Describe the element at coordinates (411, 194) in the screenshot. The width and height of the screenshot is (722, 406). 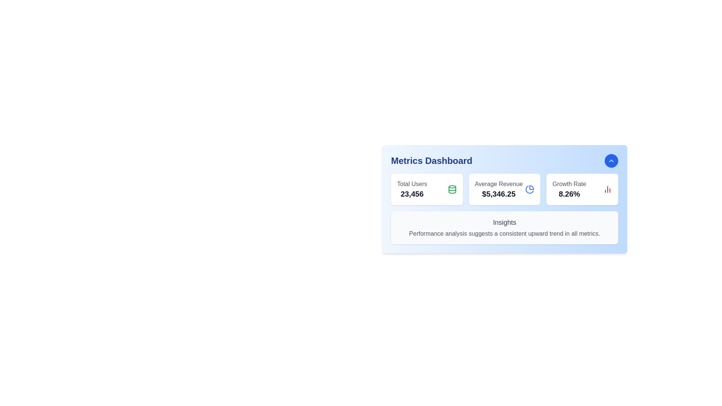
I see `the text displaying the number '23,456' within the 'Total Users' widget on the dashboard` at that location.